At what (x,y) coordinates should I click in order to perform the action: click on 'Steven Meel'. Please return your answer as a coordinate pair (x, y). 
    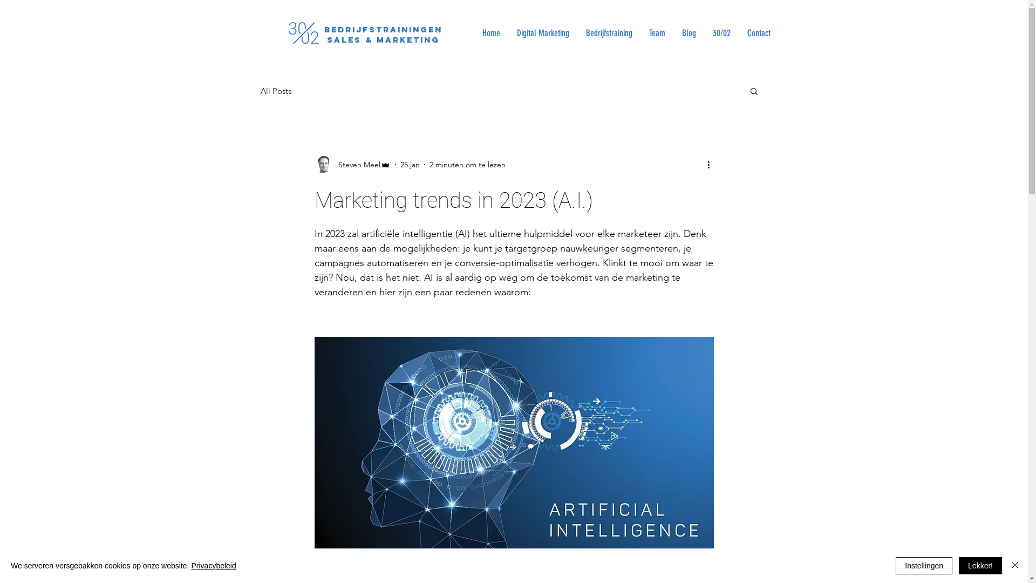
    Looking at the image, I should click on (352, 164).